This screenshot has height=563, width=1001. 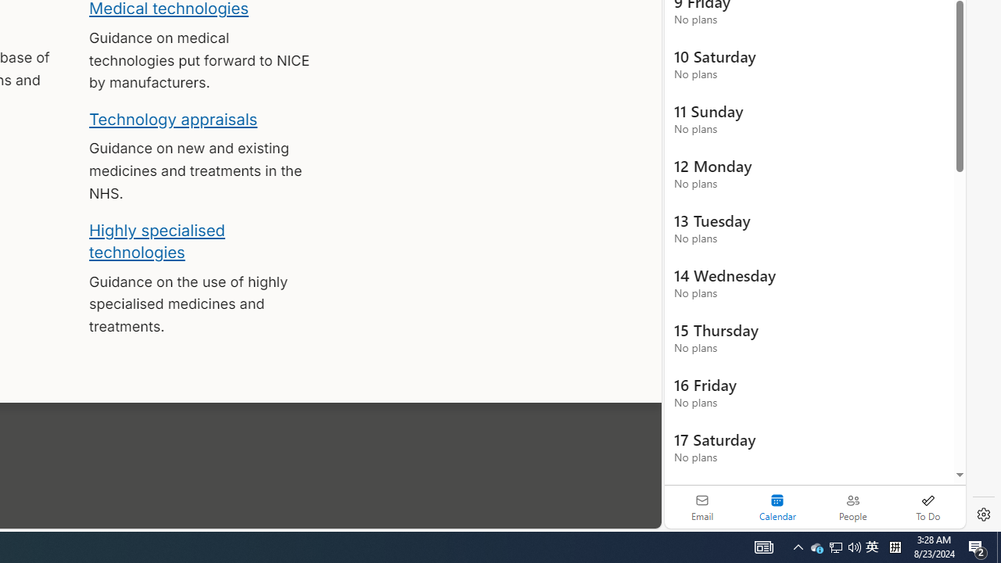 I want to click on 'Highly specialised technologies', so click(x=156, y=241).